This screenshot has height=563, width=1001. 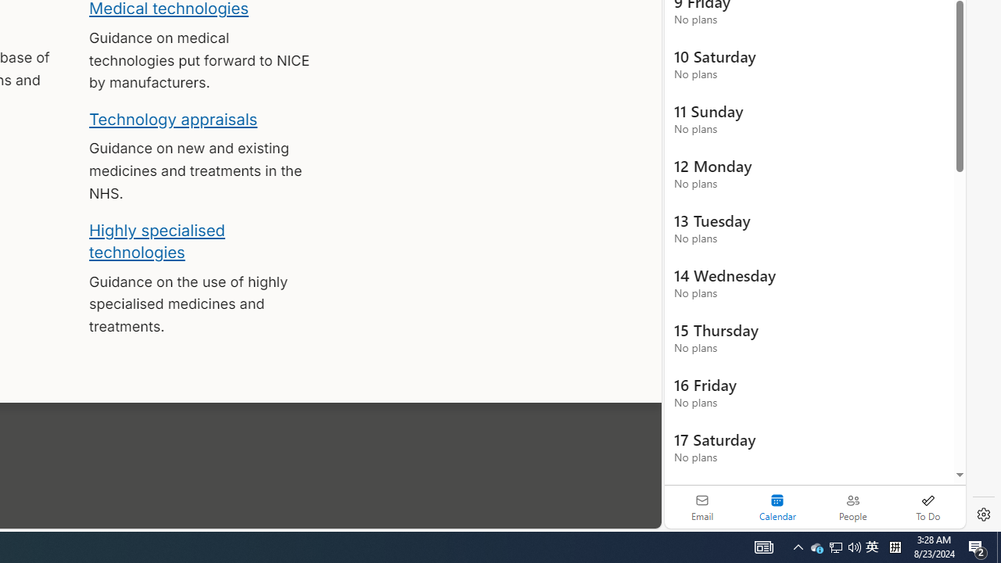 I want to click on 'Highly specialised technologies', so click(x=156, y=241).